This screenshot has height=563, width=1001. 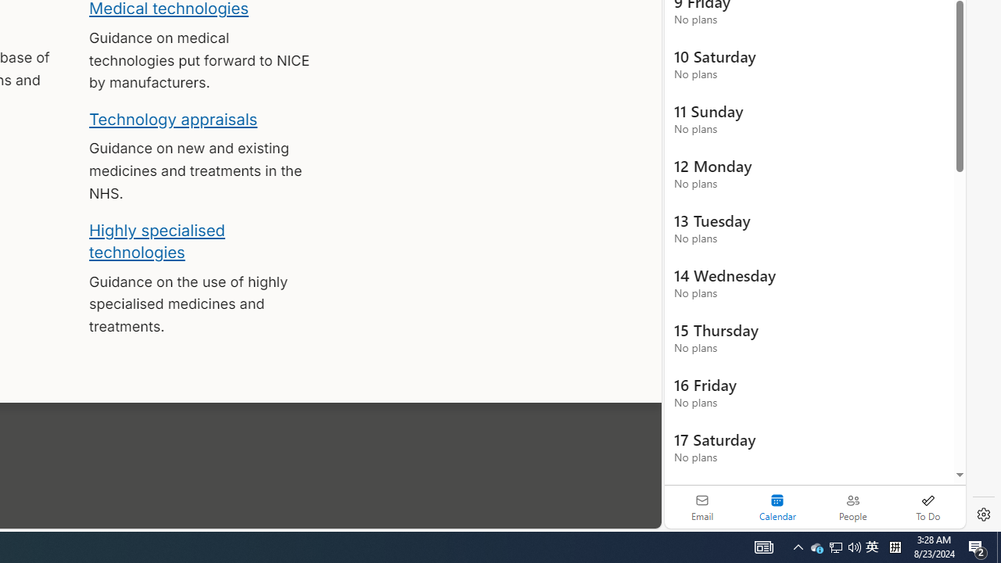 I want to click on 'Highly specialised technologies', so click(x=156, y=241).